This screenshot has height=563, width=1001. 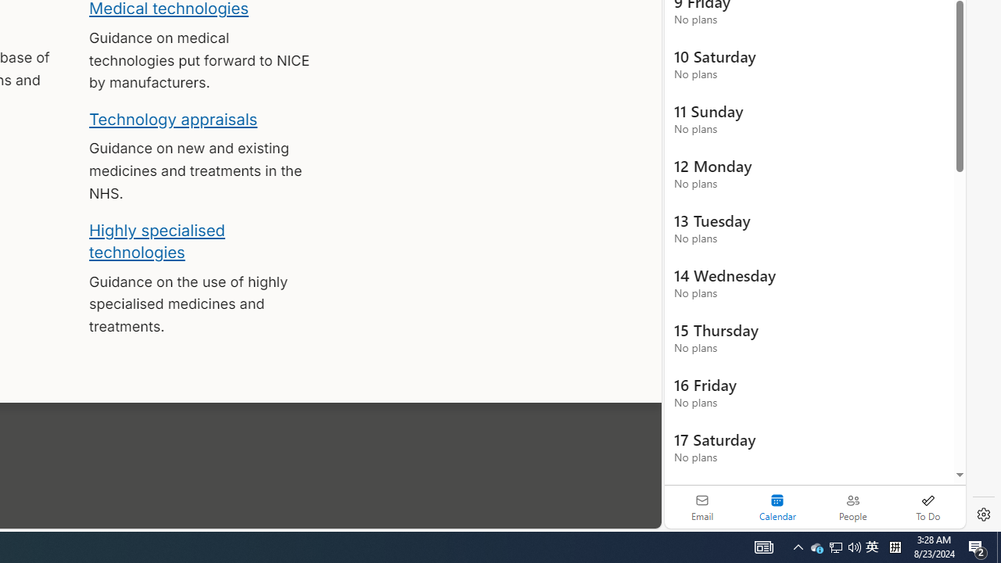 I want to click on 'Highly specialised technologies', so click(x=156, y=241).